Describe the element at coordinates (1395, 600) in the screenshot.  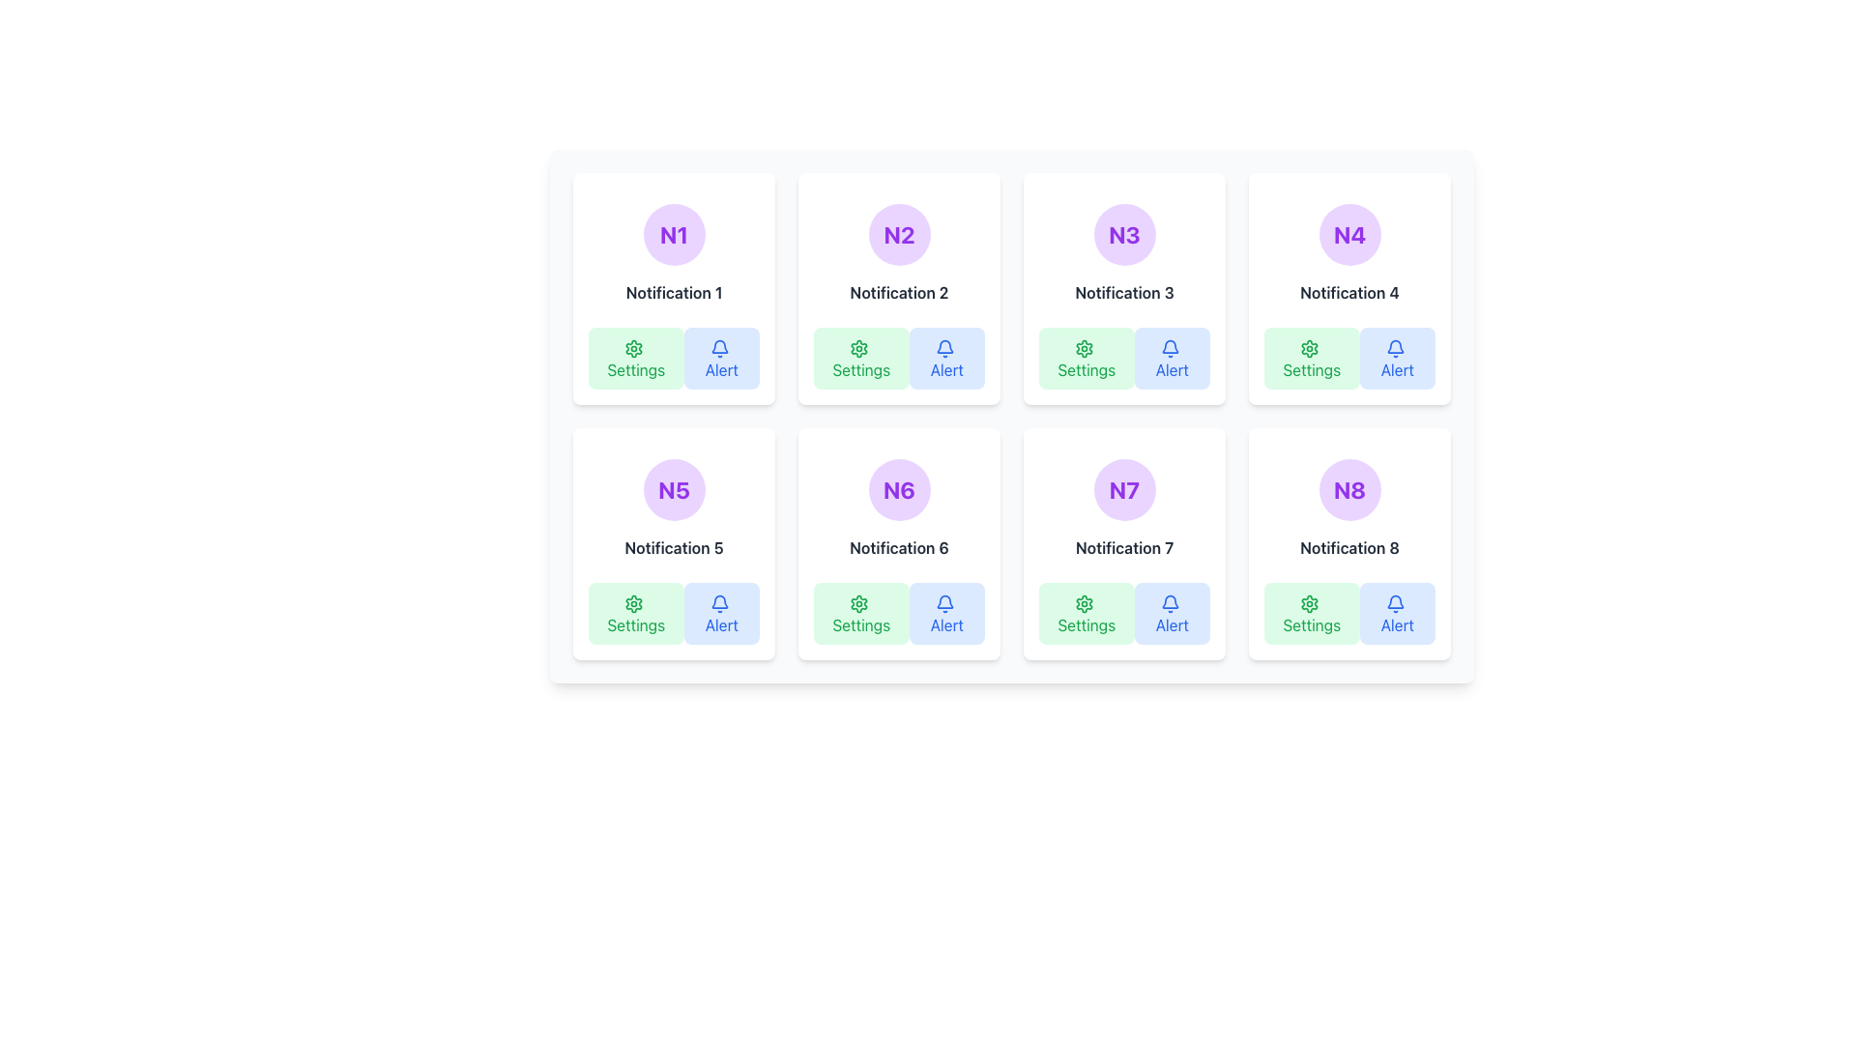
I see `the 'Alert' button icon located at the center of the last card (N8) in the bottom-right of the interface` at that location.